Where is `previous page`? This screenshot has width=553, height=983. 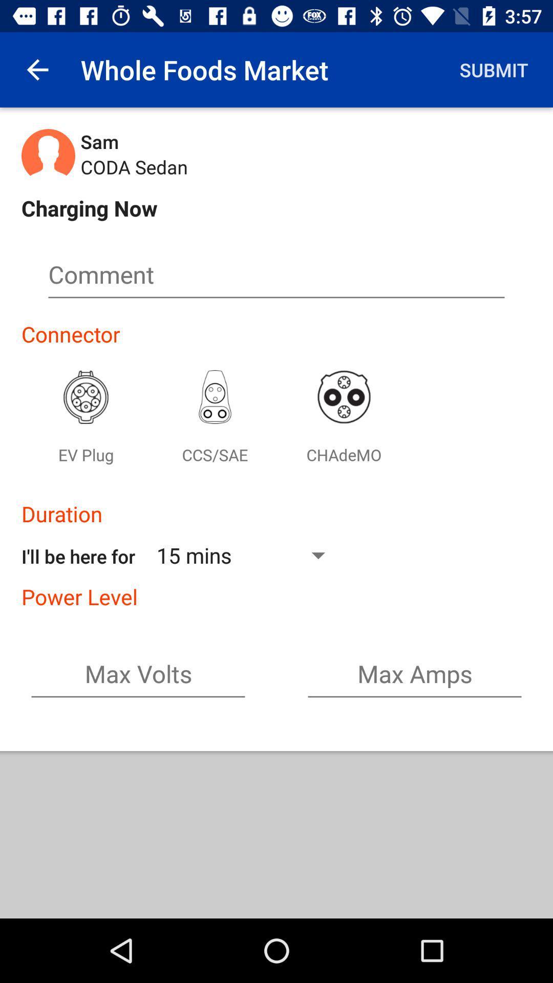
previous page is located at coordinates (37, 69).